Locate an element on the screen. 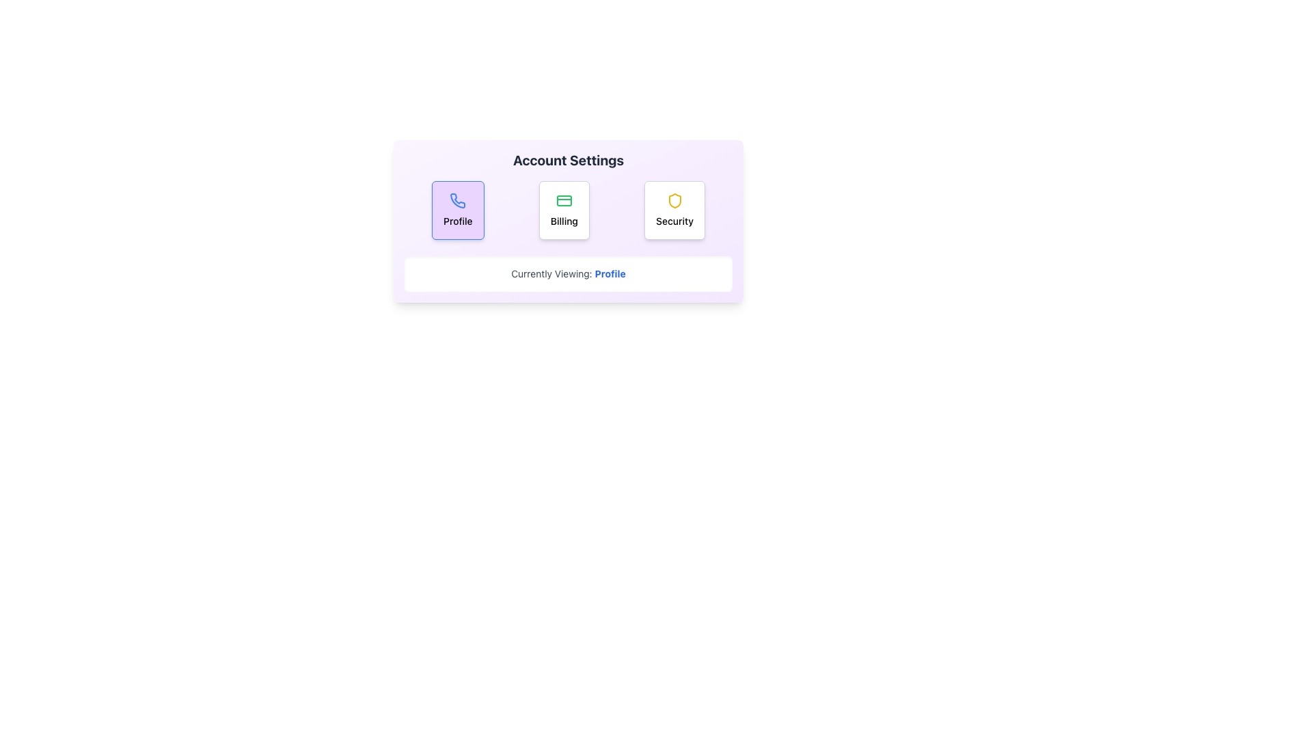 The width and height of the screenshot is (1312, 738). the rectangular element with rounded corners inside the credit card icon in the Billing section of the Account Settings interface is located at coordinates (564, 200).